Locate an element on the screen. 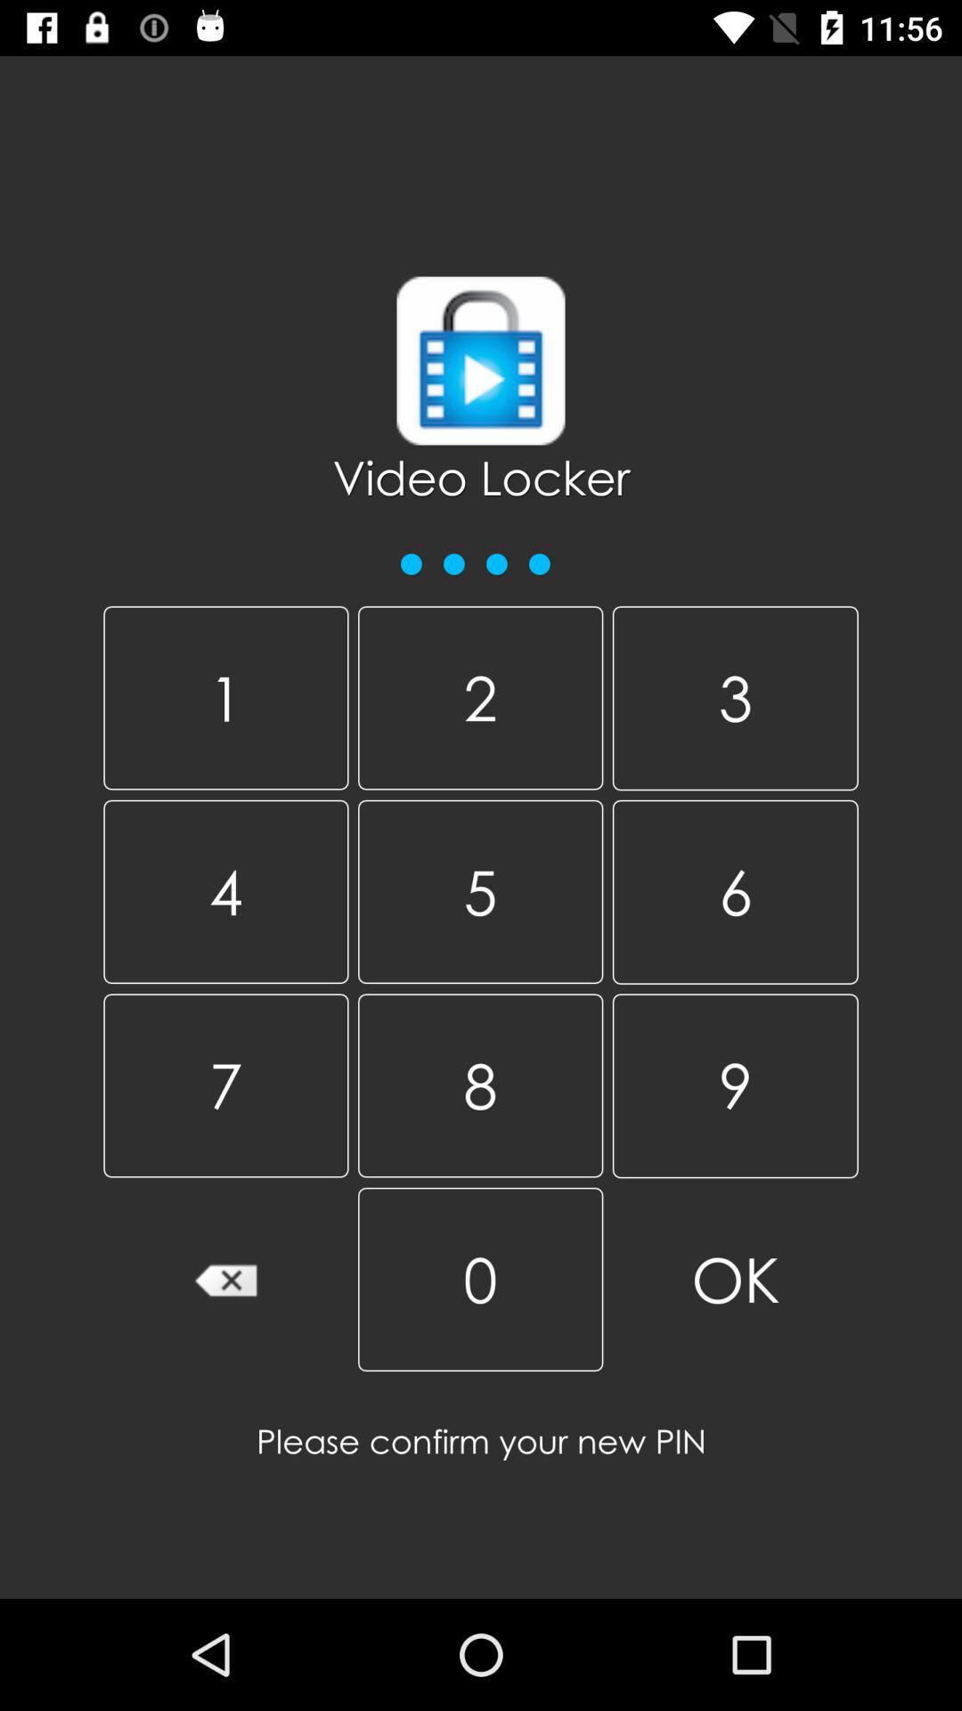 The height and width of the screenshot is (1711, 962). backspace button is located at coordinates (224, 1278).